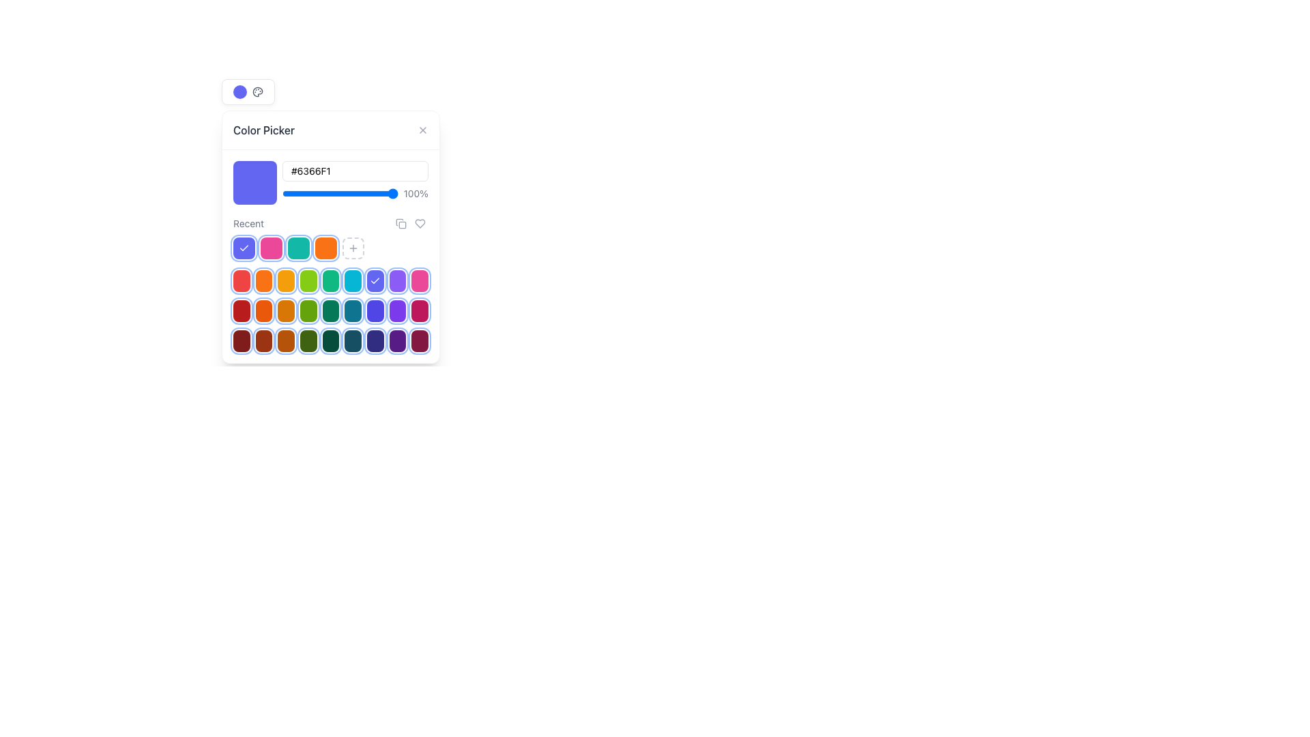 This screenshot has height=737, width=1310. I want to click on the orange square-shaped button with rounded corners located in the Color Picker interface under the 'Recent' section, which is the sixth button in the horizontal list of recent colors, so click(325, 248).